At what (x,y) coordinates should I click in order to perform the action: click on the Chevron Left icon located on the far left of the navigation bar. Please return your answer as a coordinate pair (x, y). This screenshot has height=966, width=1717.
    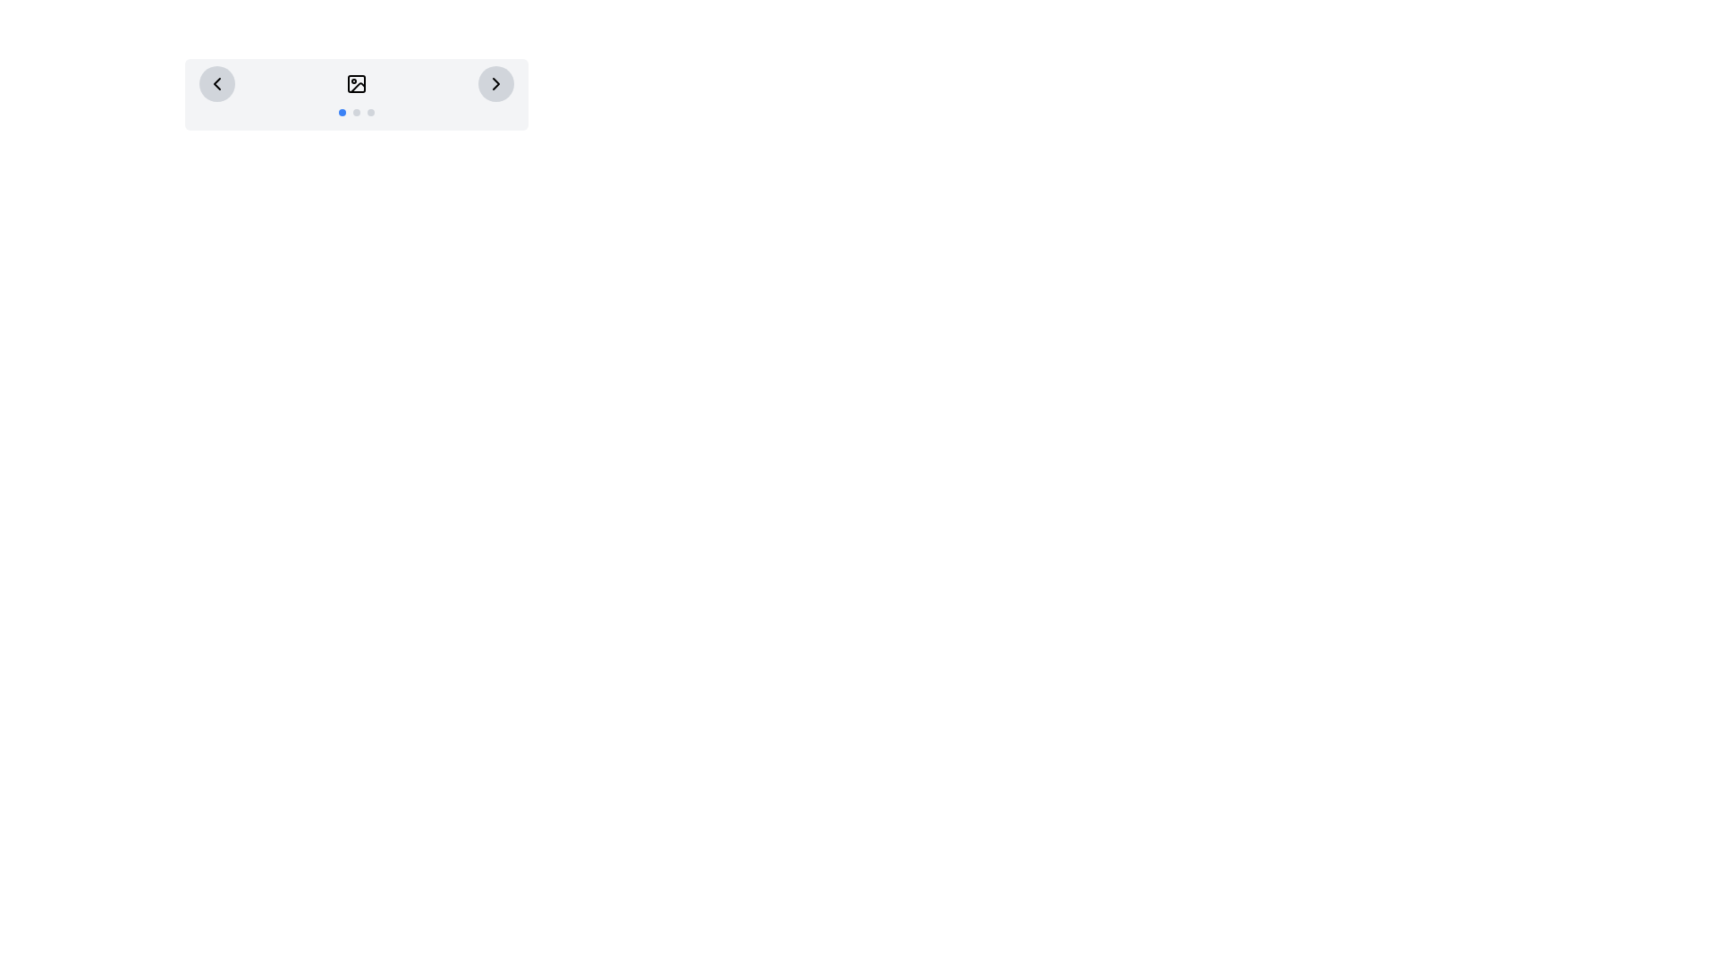
    Looking at the image, I should click on (216, 83).